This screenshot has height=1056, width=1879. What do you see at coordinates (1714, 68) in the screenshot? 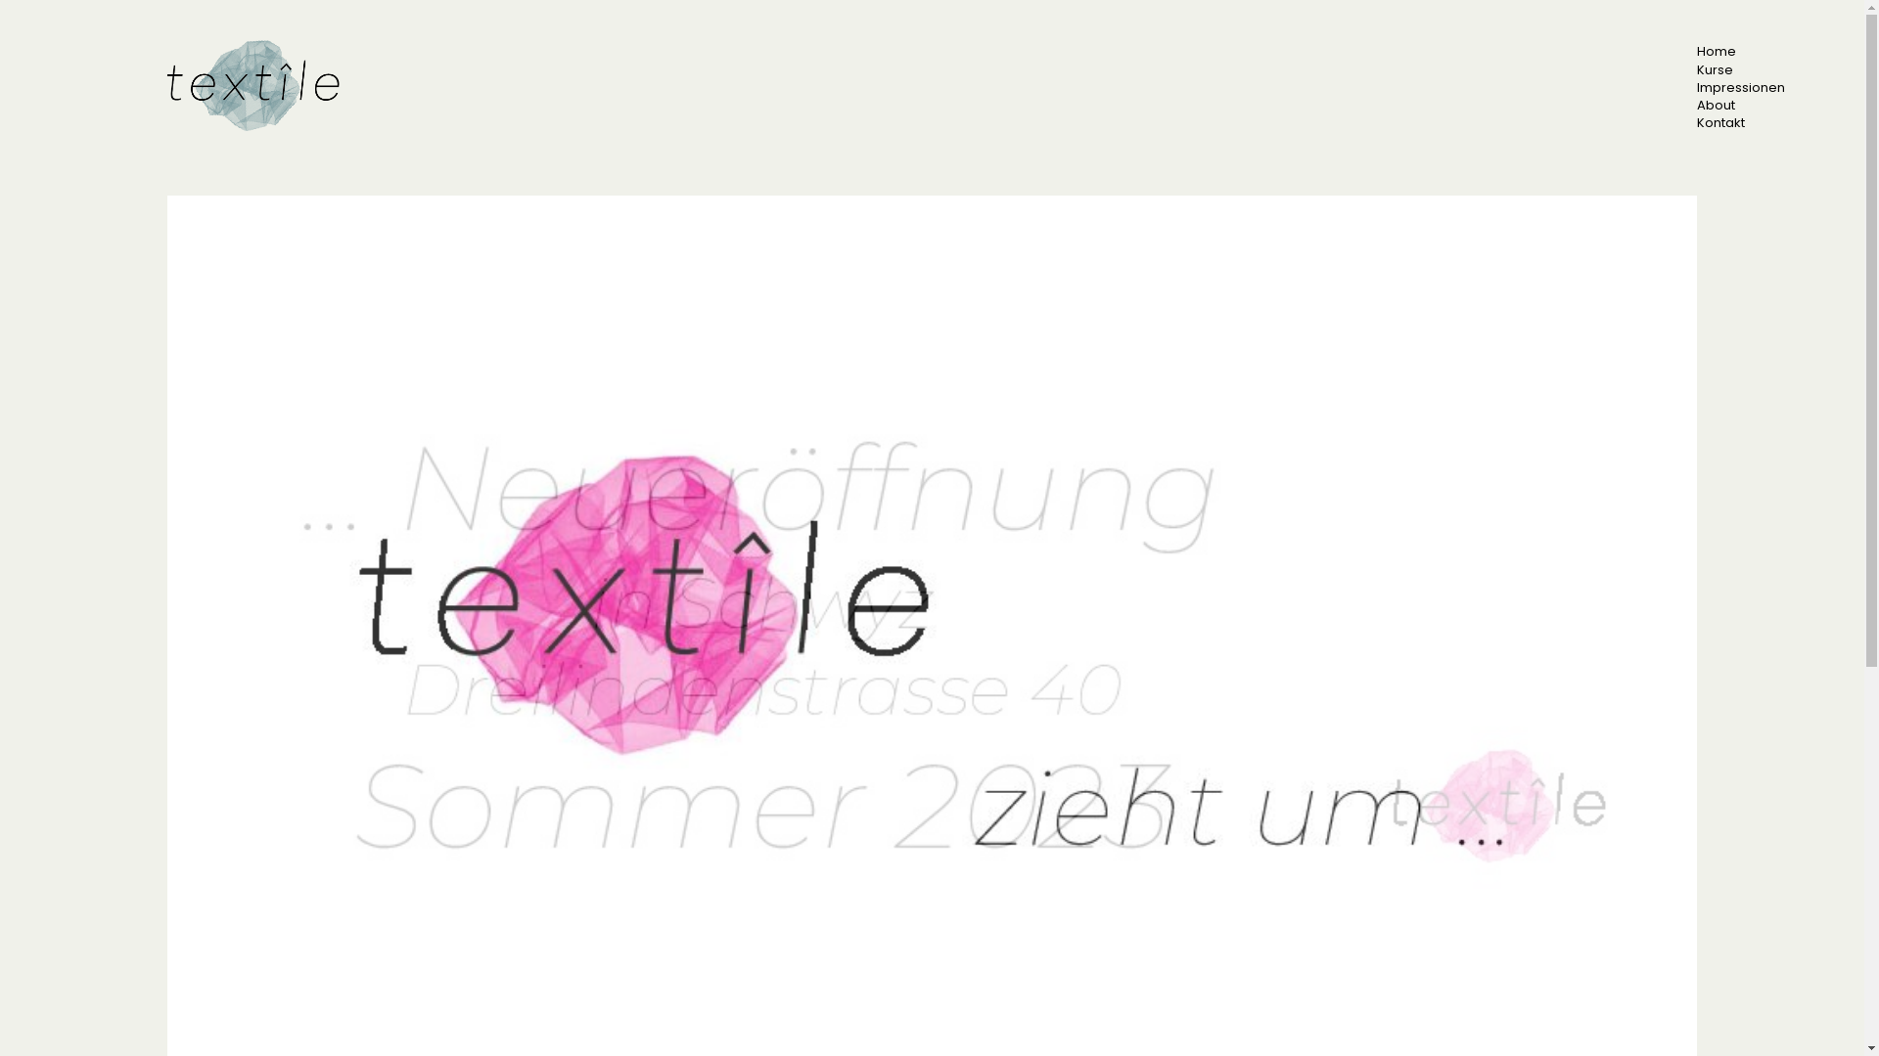
I see `'Kurse'` at bounding box center [1714, 68].